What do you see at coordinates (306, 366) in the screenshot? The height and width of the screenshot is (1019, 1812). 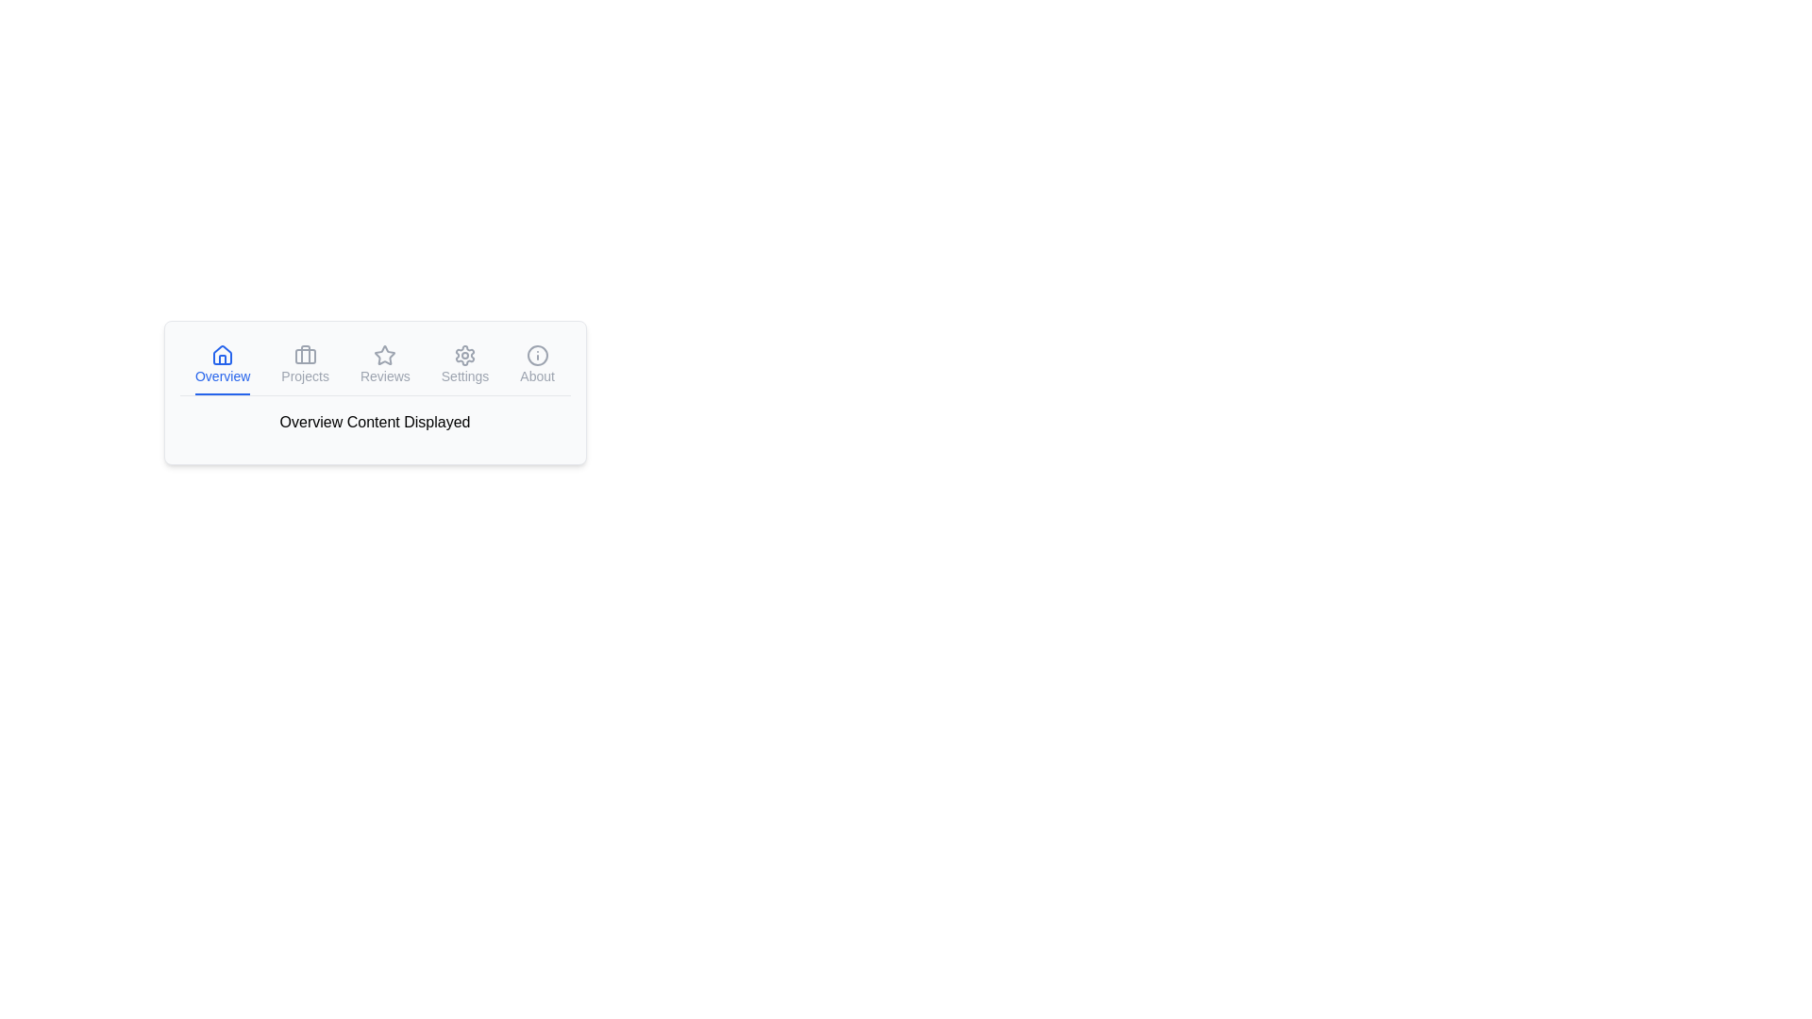 I see `the tab labeled Projects to view its content` at bounding box center [306, 366].